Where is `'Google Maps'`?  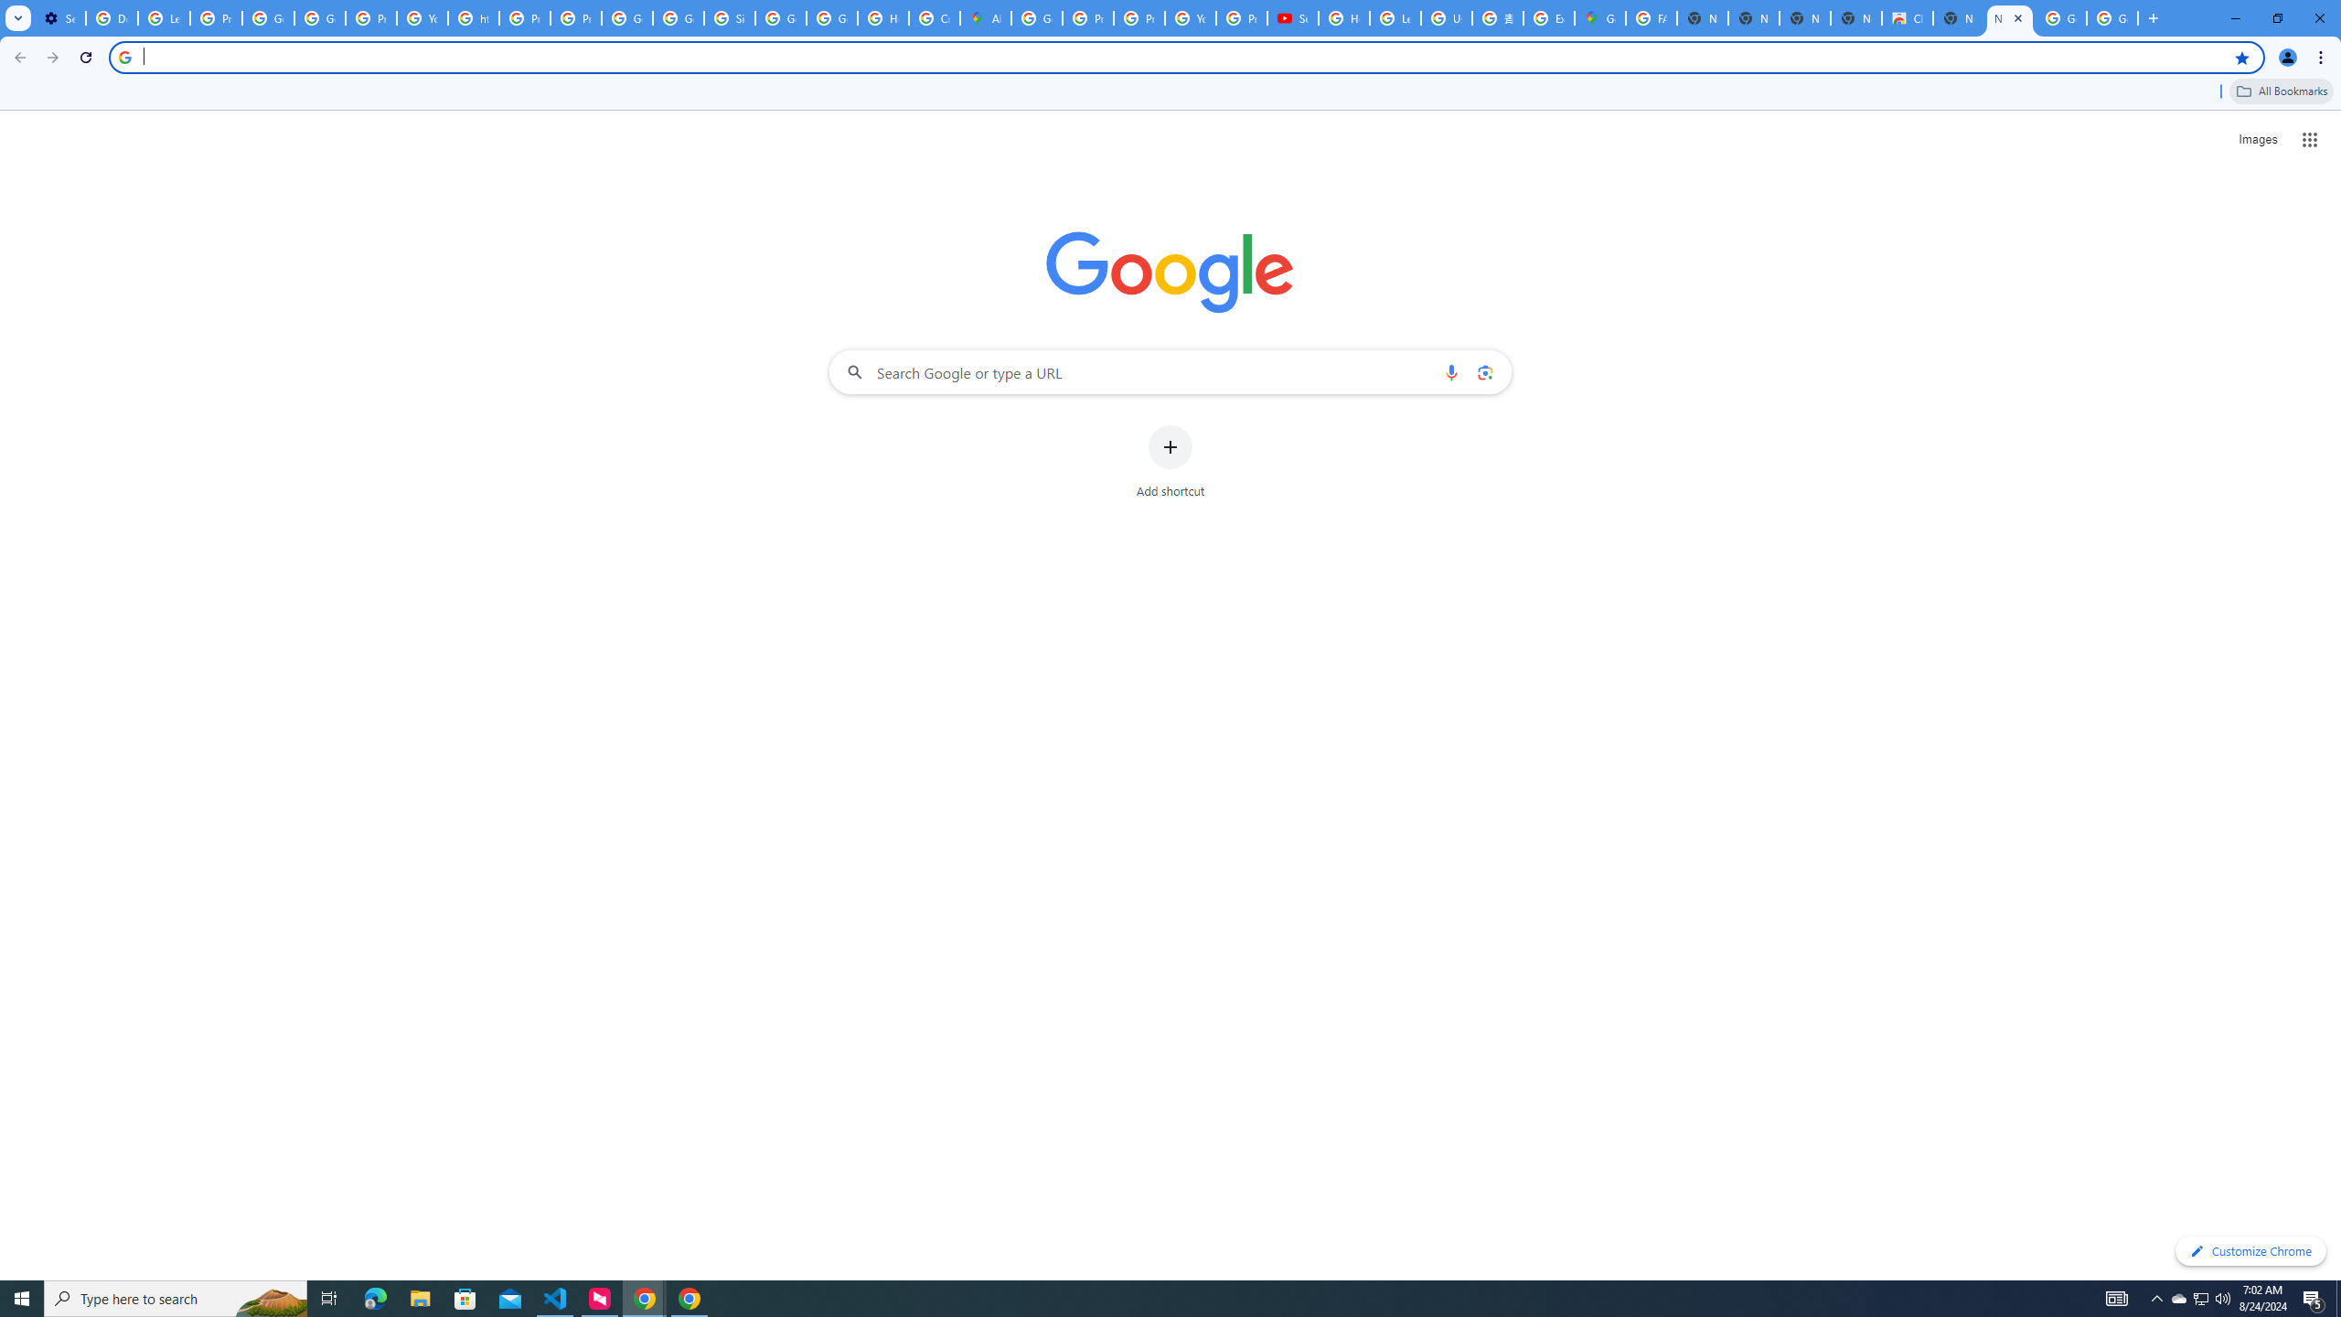 'Google Maps' is located at coordinates (1598, 17).